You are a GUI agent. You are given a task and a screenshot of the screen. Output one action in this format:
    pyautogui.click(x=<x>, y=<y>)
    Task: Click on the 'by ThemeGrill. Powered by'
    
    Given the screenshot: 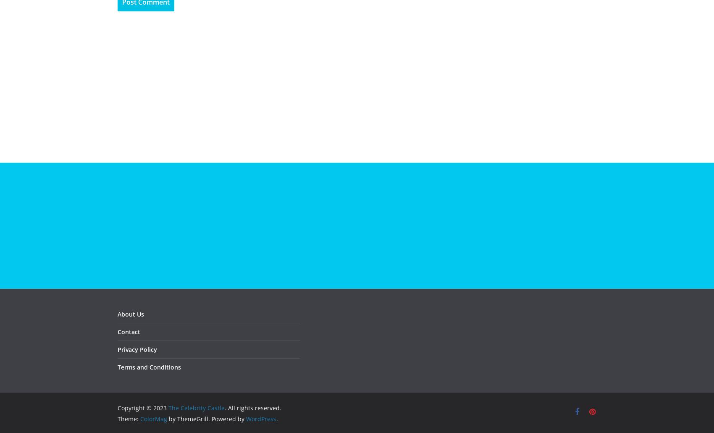 What is the action you would take?
    pyautogui.click(x=206, y=418)
    